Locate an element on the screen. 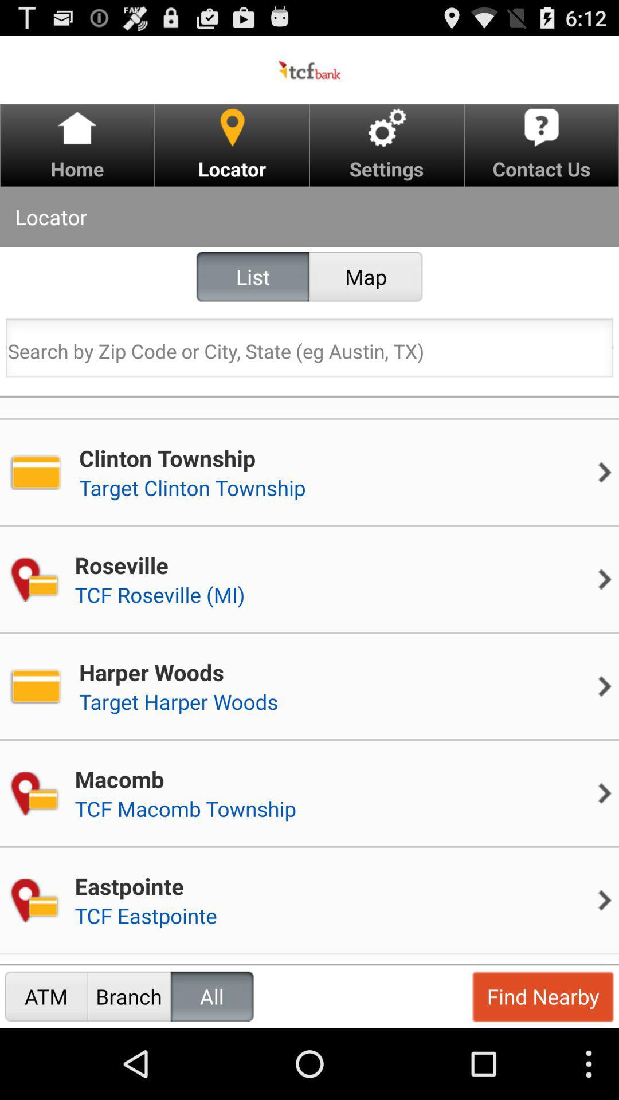  icon next to the find nearby button is located at coordinates (212, 996).